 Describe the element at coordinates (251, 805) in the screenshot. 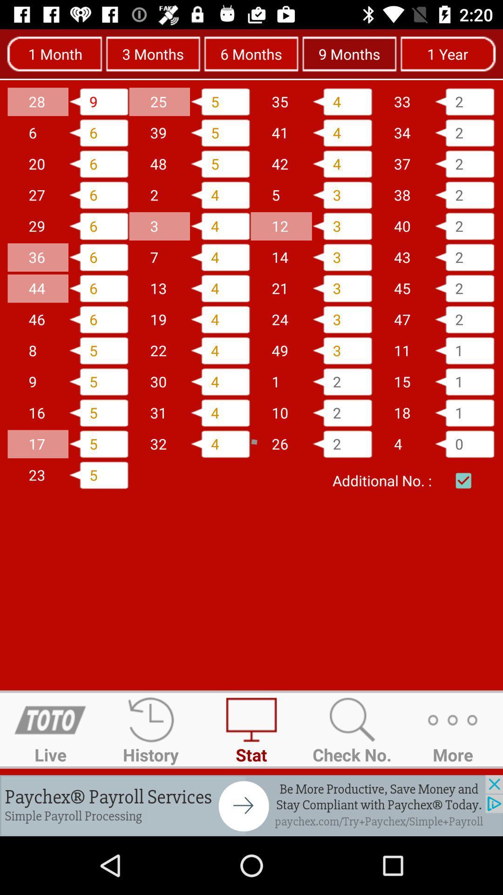

I see `open advertisement` at that location.